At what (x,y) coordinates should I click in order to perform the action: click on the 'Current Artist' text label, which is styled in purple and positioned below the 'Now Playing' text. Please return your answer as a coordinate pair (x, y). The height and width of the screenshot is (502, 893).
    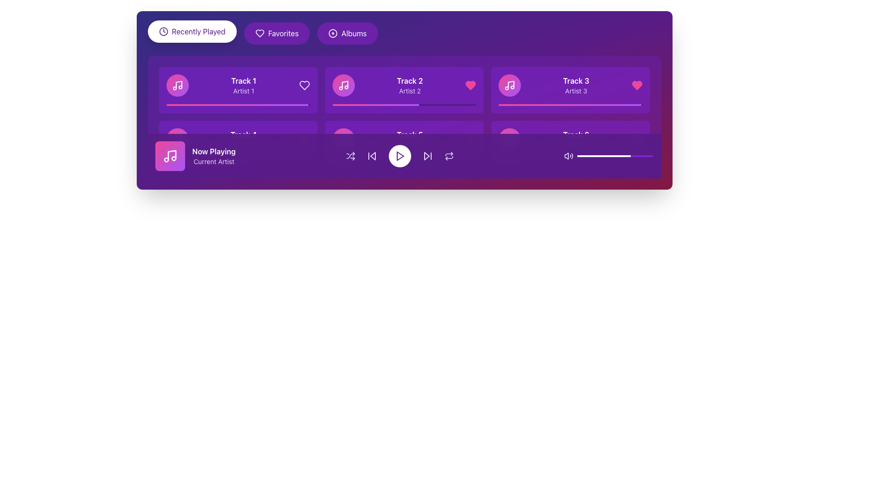
    Looking at the image, I should click on (213, 161).